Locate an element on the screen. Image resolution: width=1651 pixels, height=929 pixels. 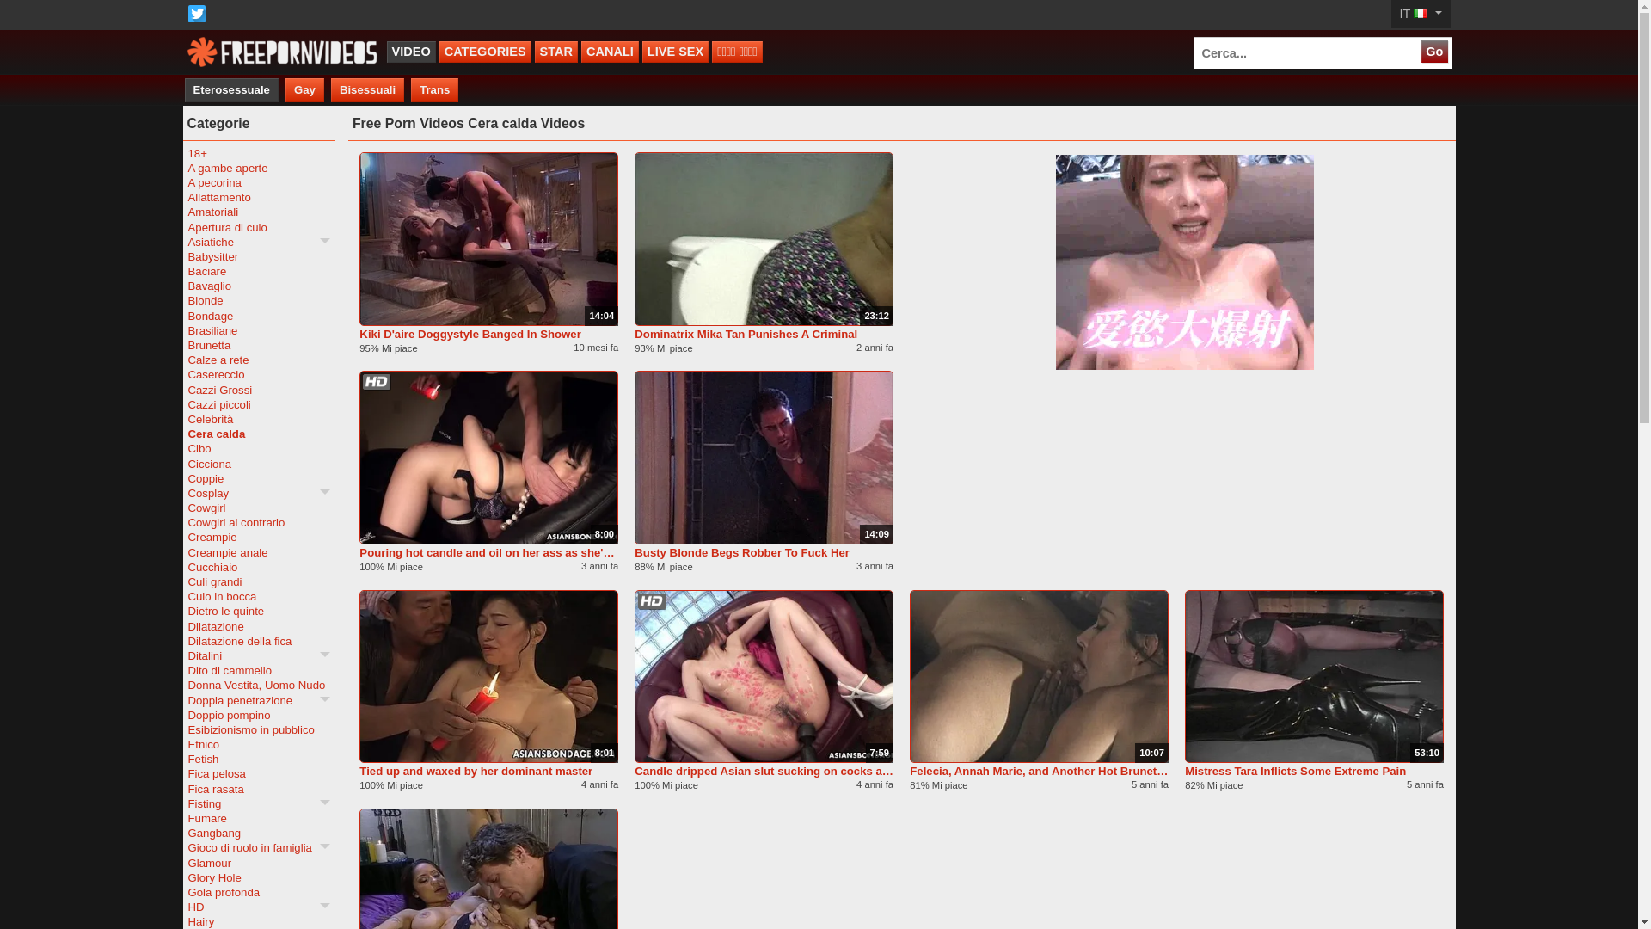
'HD' is located at coordinates (258, 906).